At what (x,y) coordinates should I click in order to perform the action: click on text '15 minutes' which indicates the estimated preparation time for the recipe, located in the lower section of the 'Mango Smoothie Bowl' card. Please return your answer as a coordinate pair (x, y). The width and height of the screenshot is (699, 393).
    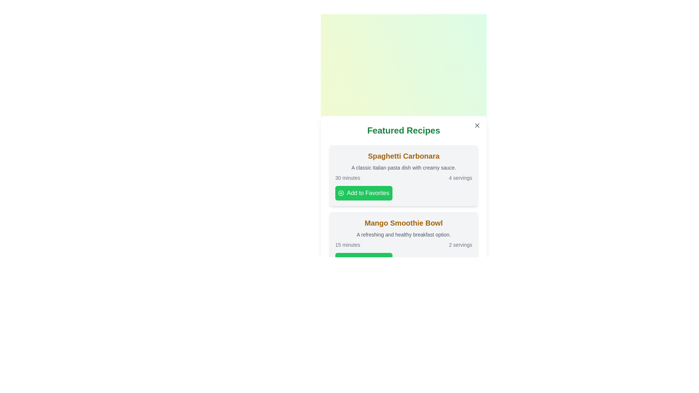
    Looking at the image, I should click on (347, 245).